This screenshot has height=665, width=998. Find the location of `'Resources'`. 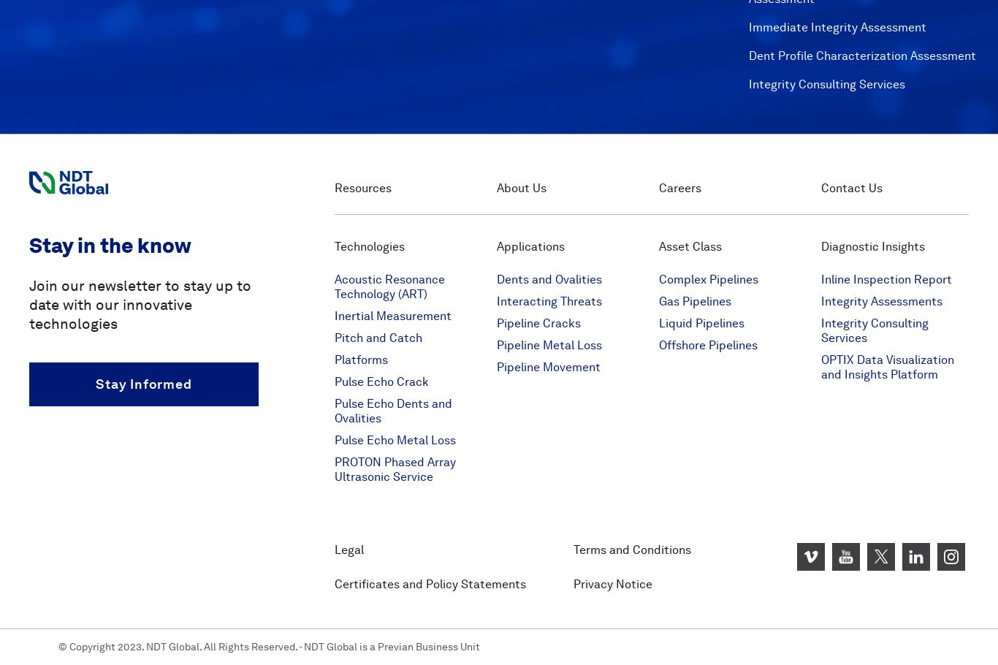

'Resources' is located at coordinates (362, 187).